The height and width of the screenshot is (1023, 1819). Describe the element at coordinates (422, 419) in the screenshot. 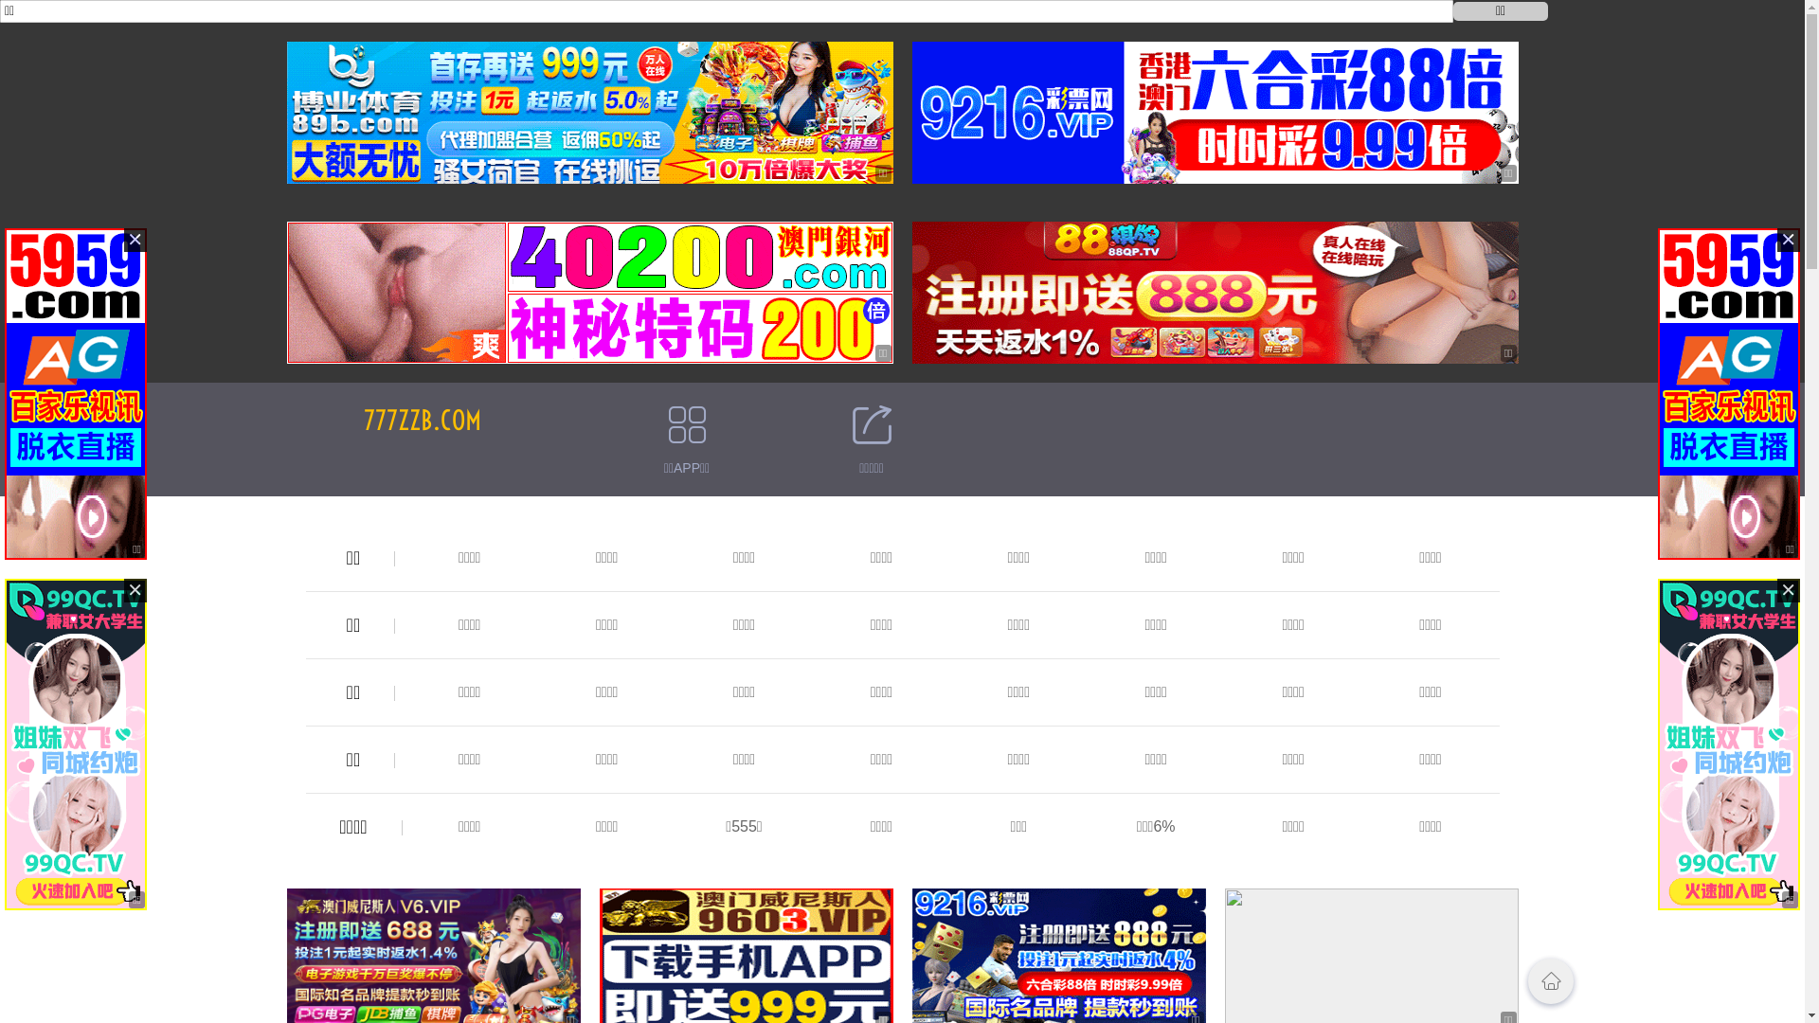

I see `'777ZZB.COM'` at that location.